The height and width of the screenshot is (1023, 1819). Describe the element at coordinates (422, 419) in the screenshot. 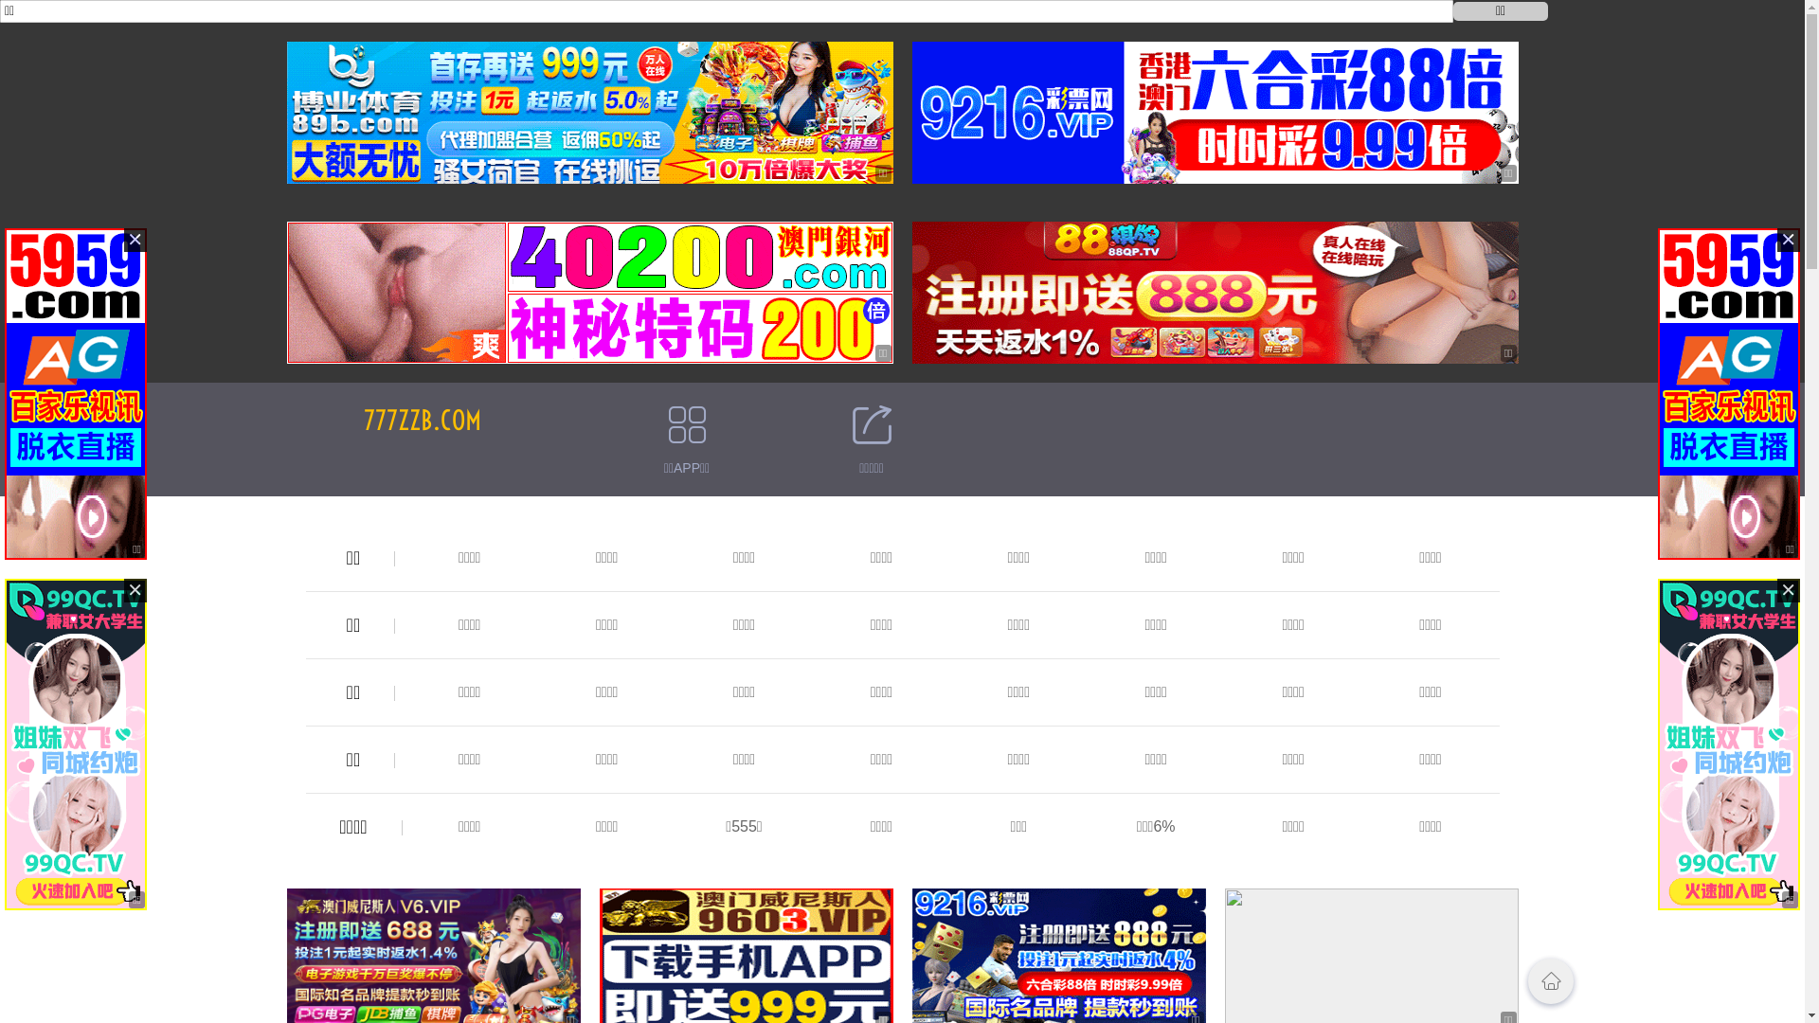

I see `'777ZZB.COM'` at that location.